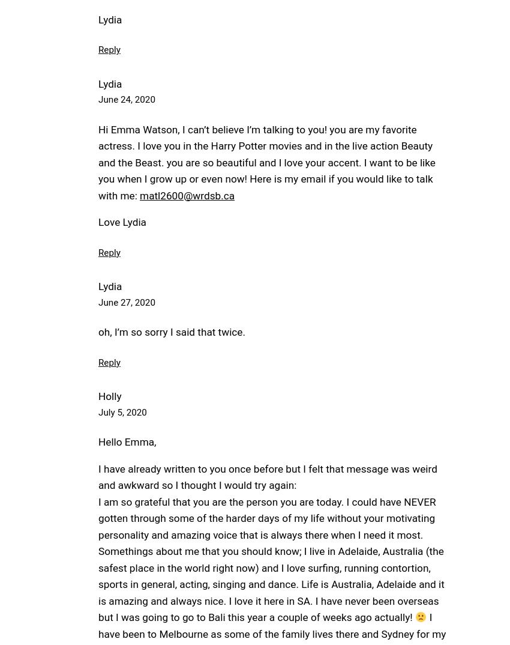 Image resolution: width=510 pixels, height=645 pixels. I want to click on 'June 27, 2020', so click(125, 301).